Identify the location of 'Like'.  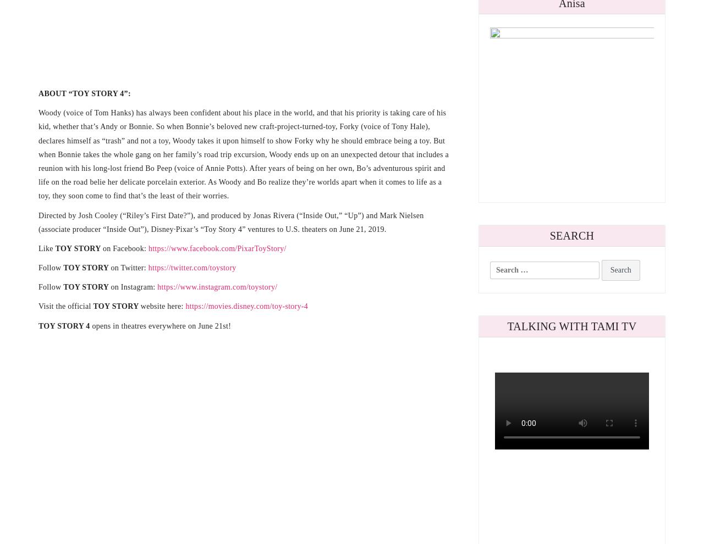
(46, 248).